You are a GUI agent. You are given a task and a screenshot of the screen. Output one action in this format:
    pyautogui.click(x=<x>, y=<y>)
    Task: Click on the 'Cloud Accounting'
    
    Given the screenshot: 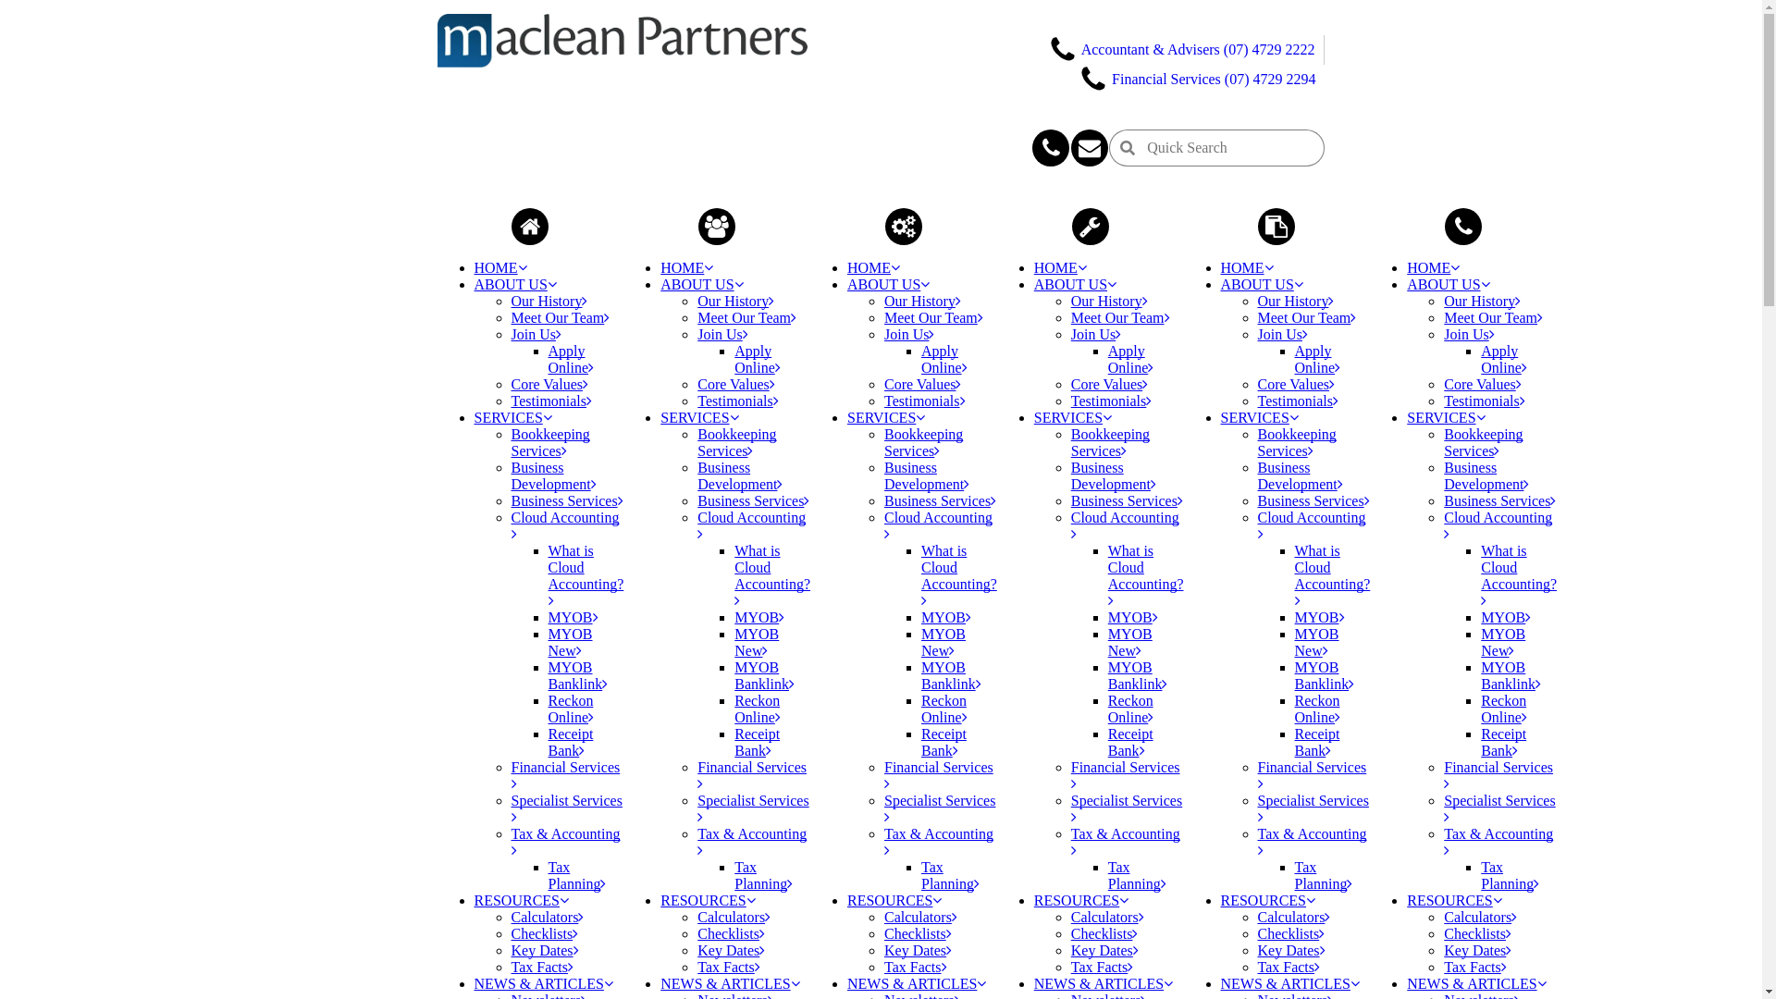 What is the action you would take?
    pyautogui.click(x=1311, y=525)
    